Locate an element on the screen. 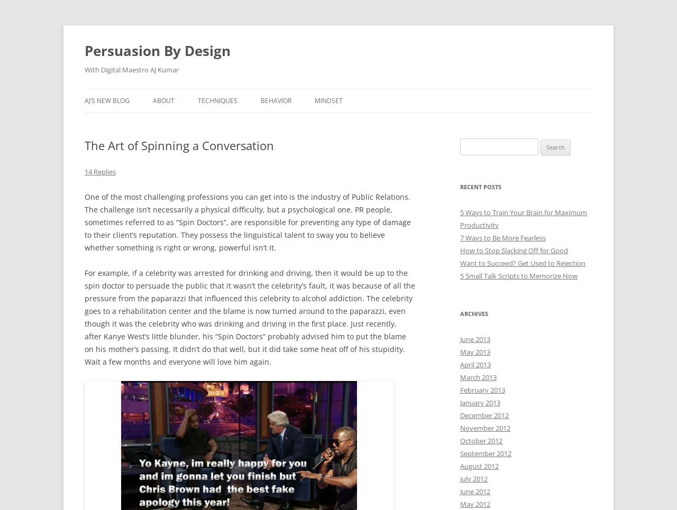 The height and width of the screenshot is (510, 677). 'May 2013' is located at coordinates (460, 352).